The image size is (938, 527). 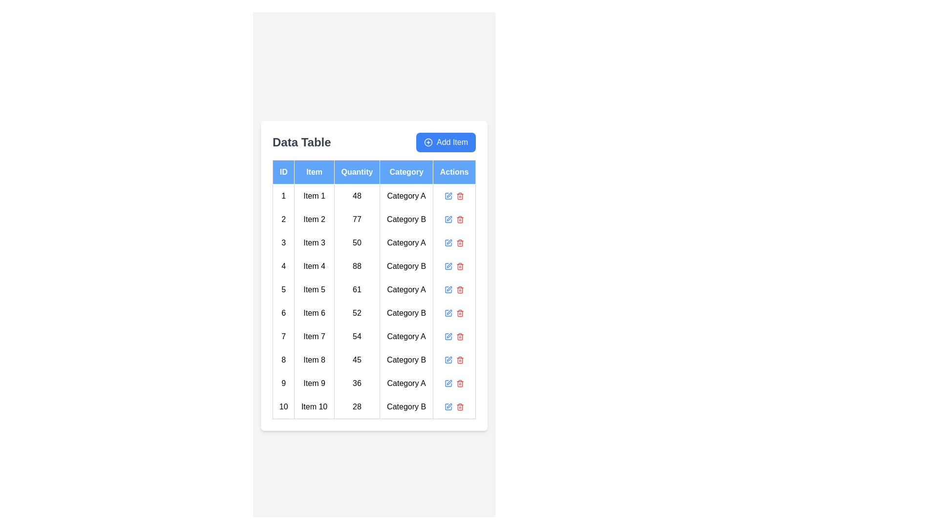 I want to click on the first icon button in the 'Actions' column of the 9th row to initiate editing of the respective data entry, so click(x=448, y=383).